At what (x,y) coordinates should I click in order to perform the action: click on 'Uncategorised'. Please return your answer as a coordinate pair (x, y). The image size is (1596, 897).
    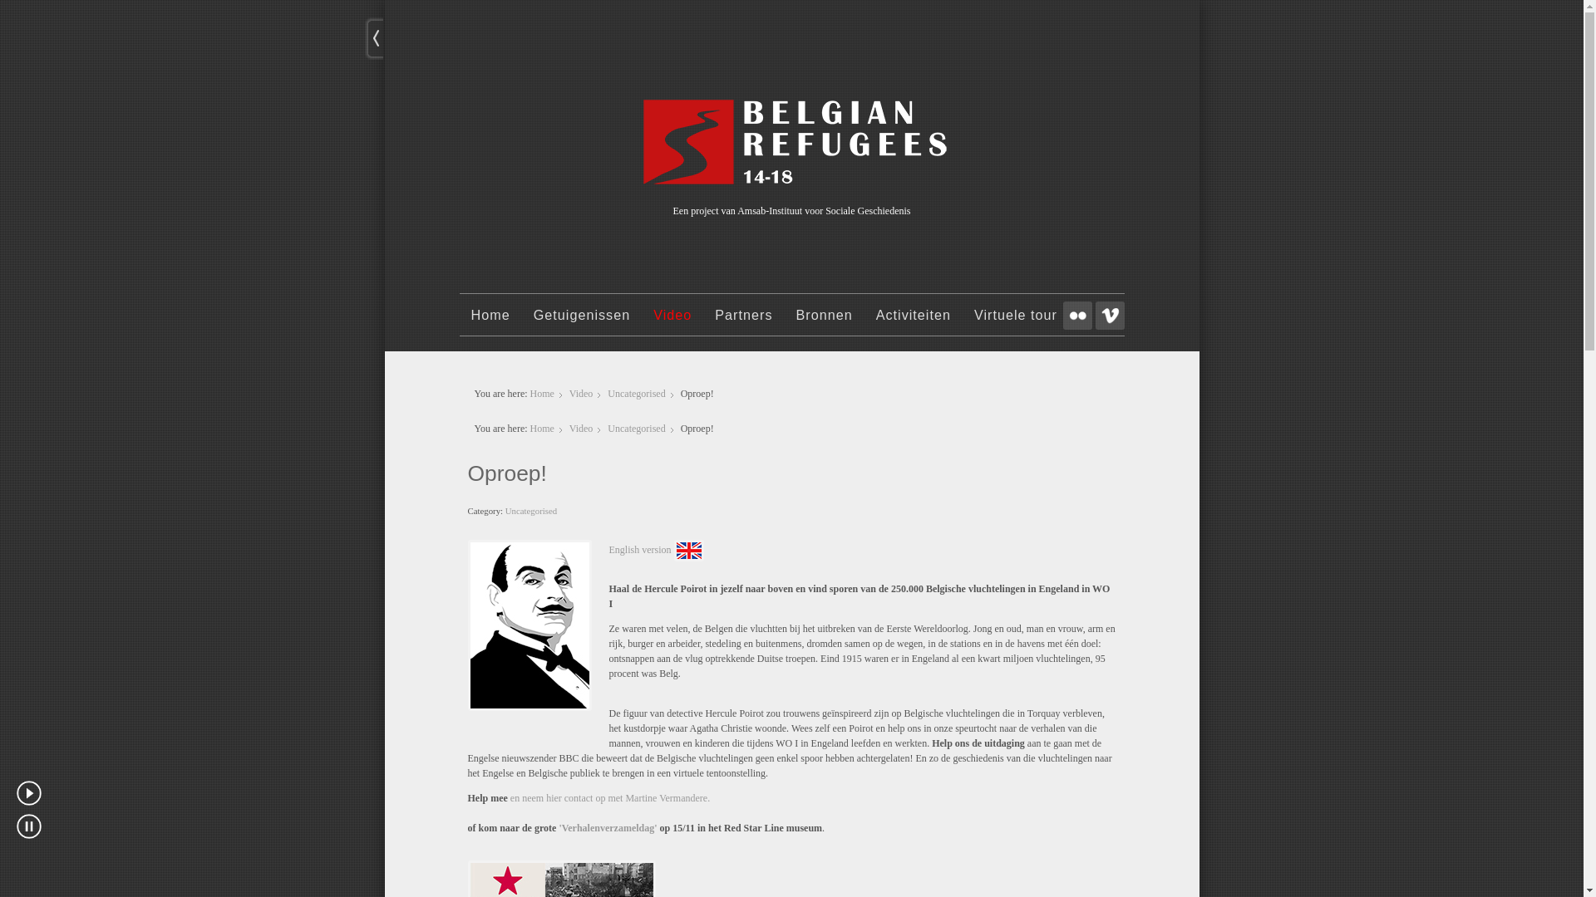
    Looking at the image, I should click on (530, 509).